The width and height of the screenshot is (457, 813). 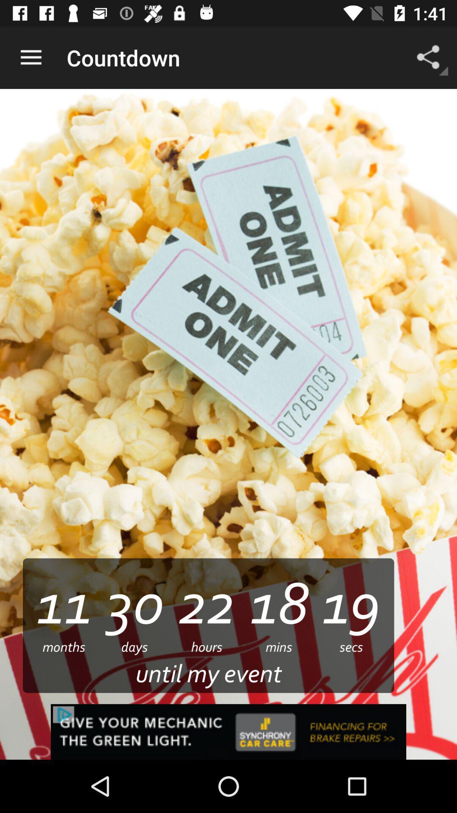 What do you see at coordinates (30, 57) in the screenshot?
I see `the app to the left of the countdown item` at bounding box center [30, 57].